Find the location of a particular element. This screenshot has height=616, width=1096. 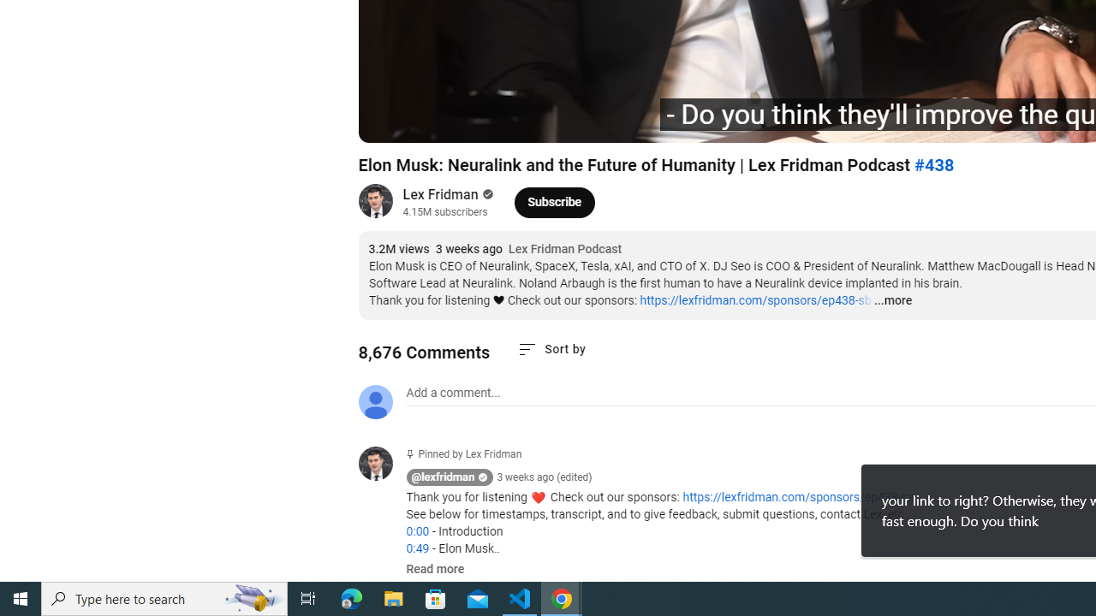

'Subscribe to Lex Fridman.' is located at coordinates (555, 201).